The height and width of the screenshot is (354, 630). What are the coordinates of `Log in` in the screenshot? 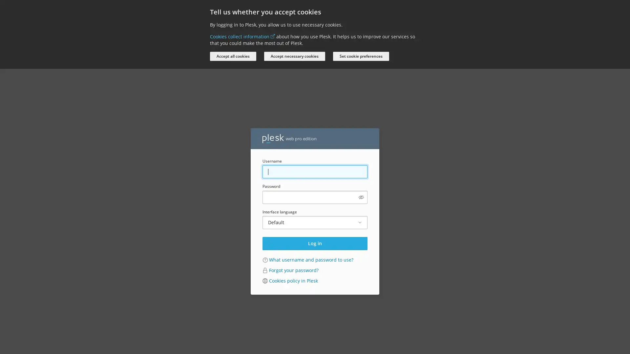 It's located at (315, 243).